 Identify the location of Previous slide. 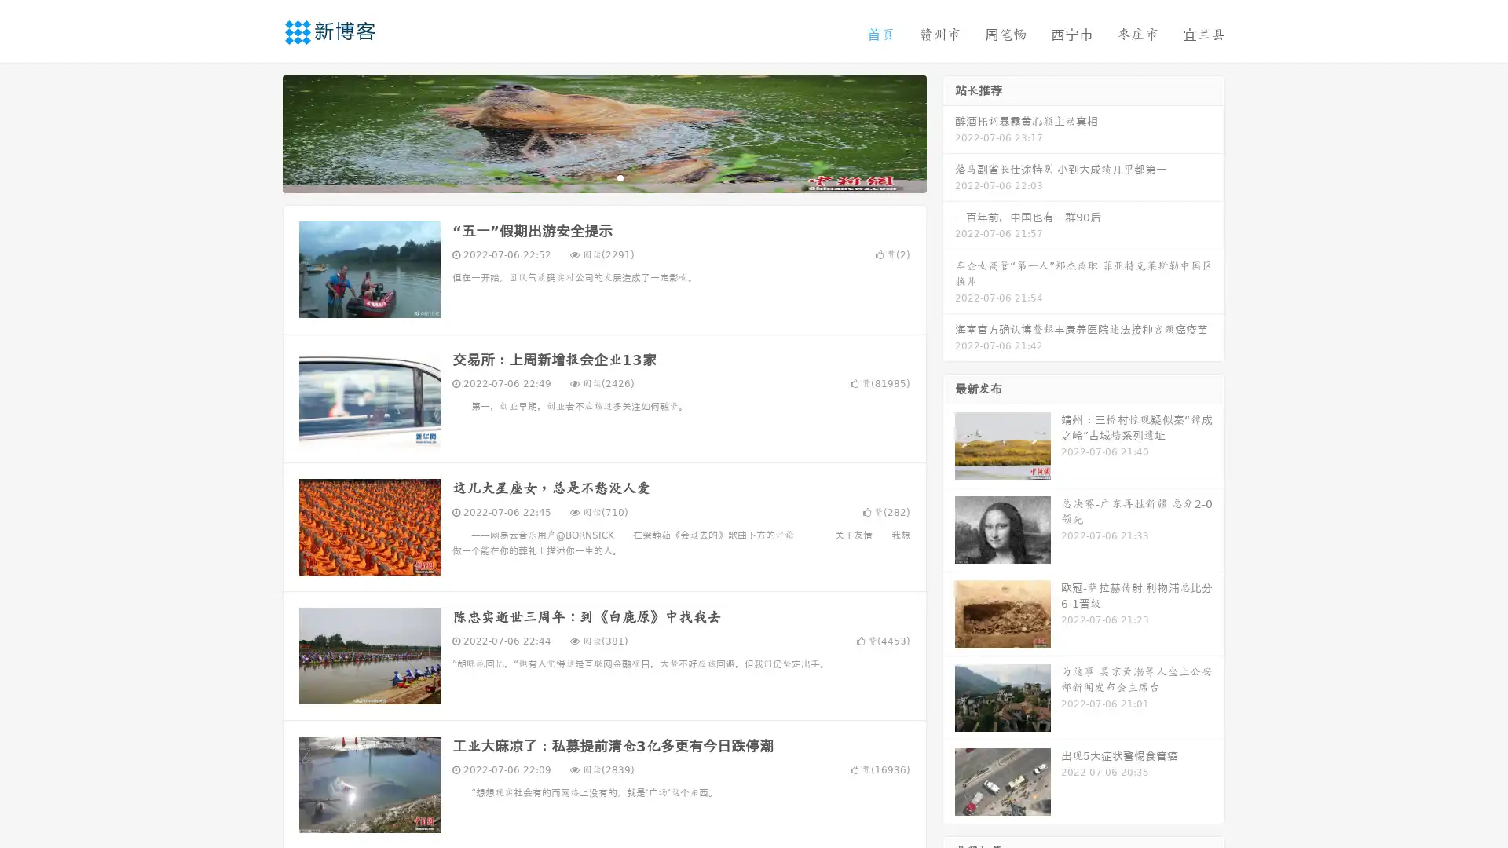
(259, 132).